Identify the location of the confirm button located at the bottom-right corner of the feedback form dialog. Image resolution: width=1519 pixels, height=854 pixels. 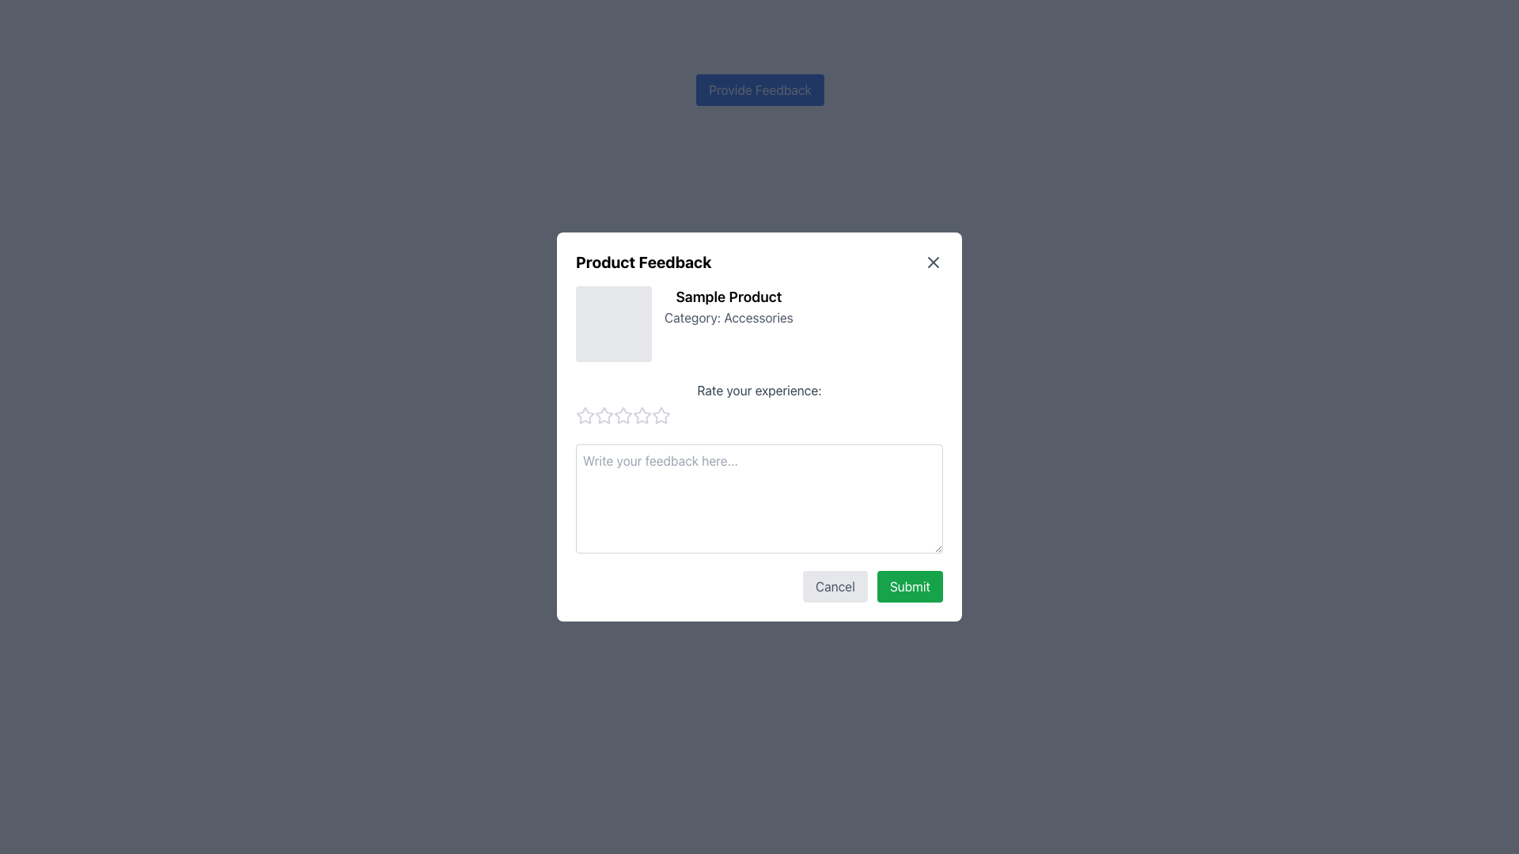
(910, 586).